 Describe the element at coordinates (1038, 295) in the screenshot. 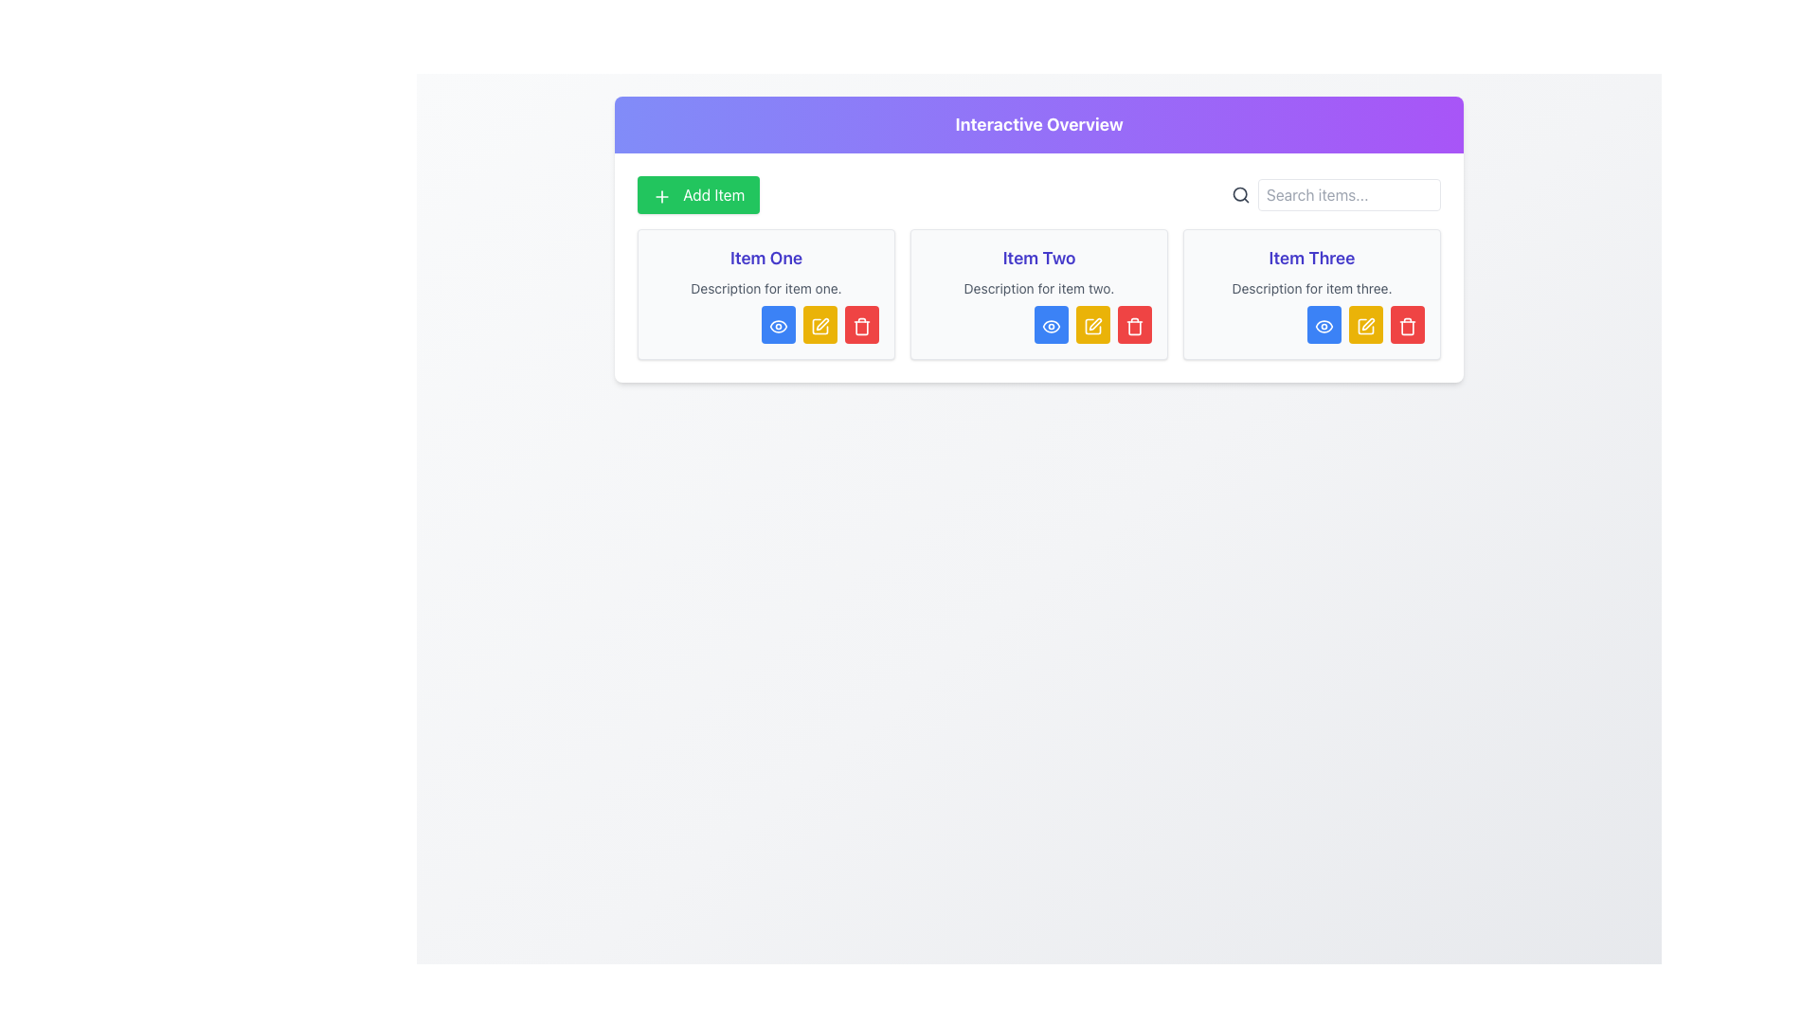

I see `the interactive card` at that location.